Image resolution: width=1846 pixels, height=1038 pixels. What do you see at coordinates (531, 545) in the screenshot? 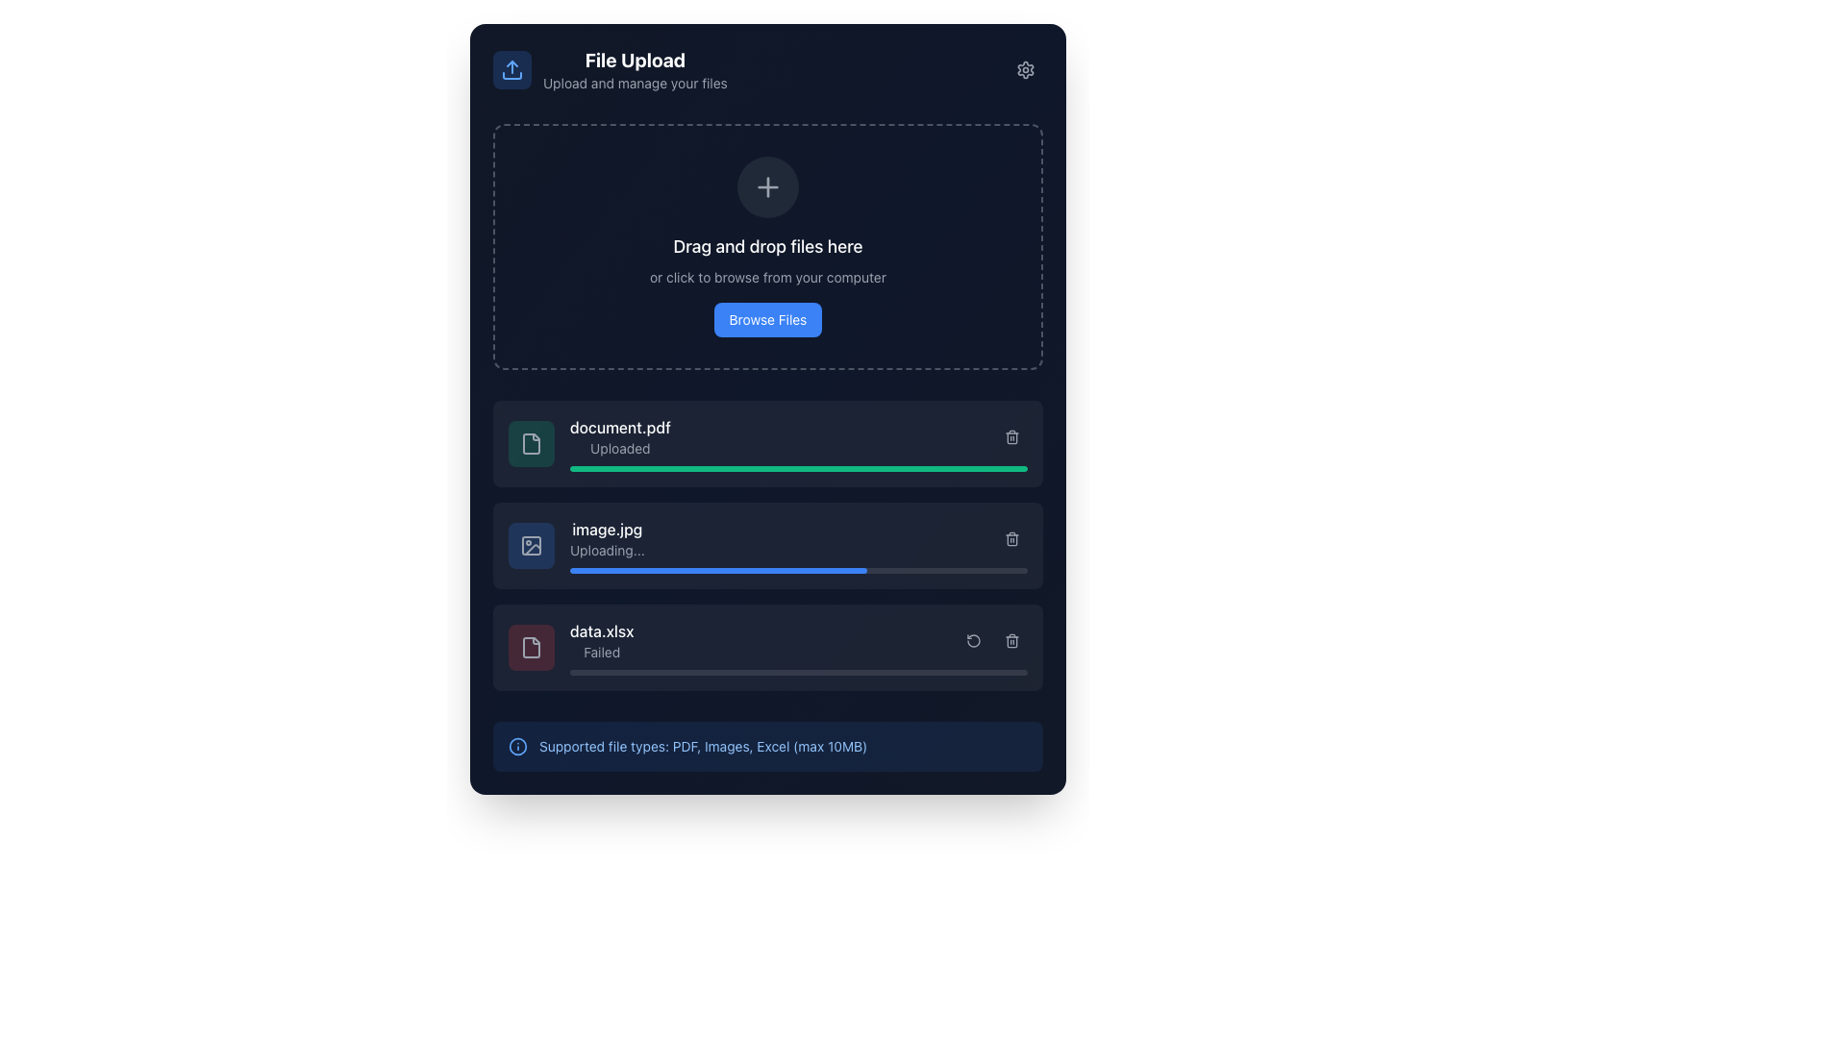
I see `the square-shaped icon with a rounded-corner blue background located to the left of the text 'image.jpg'` at bounding box center [531, 545].